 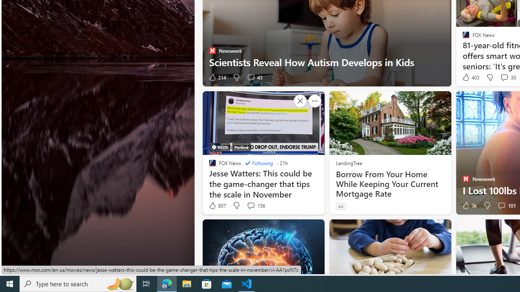 What do you see at coordinates (254, 77) in the screenshot?
I see `'View comments 43 Comment'` at bounding box center [254, 77].